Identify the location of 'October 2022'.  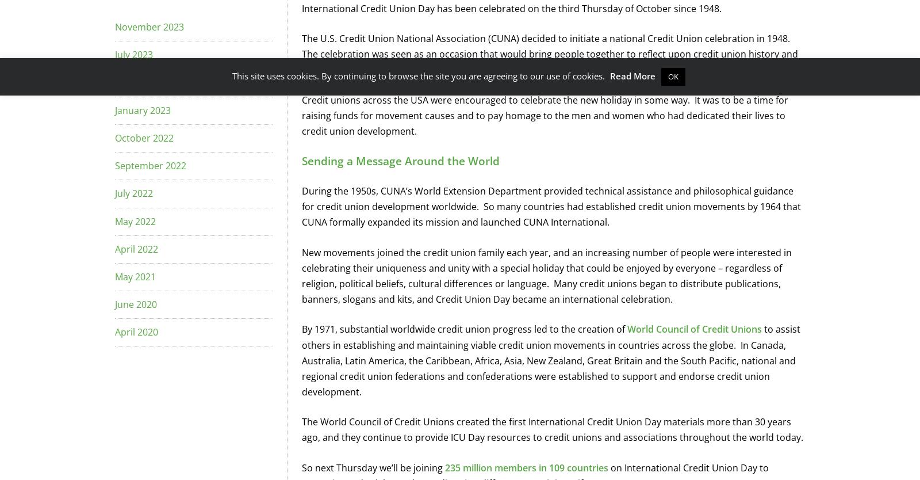
(114, 137).